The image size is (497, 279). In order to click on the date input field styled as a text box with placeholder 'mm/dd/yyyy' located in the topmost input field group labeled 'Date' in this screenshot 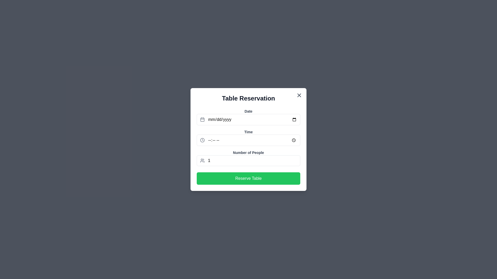, I will do `click(252, 119)`.